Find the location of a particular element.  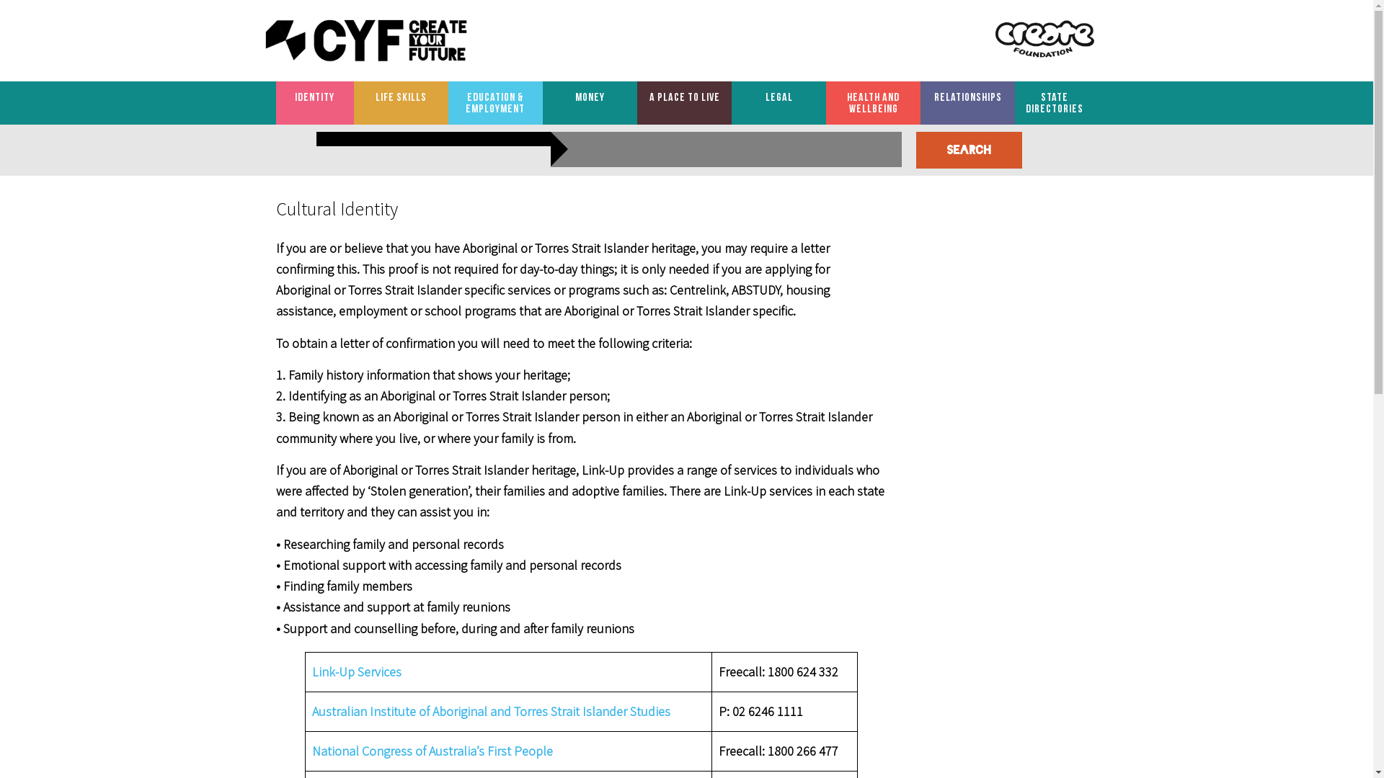

'EDUCATION & EMPLOYMENT' is located at coordinates (495, 102).